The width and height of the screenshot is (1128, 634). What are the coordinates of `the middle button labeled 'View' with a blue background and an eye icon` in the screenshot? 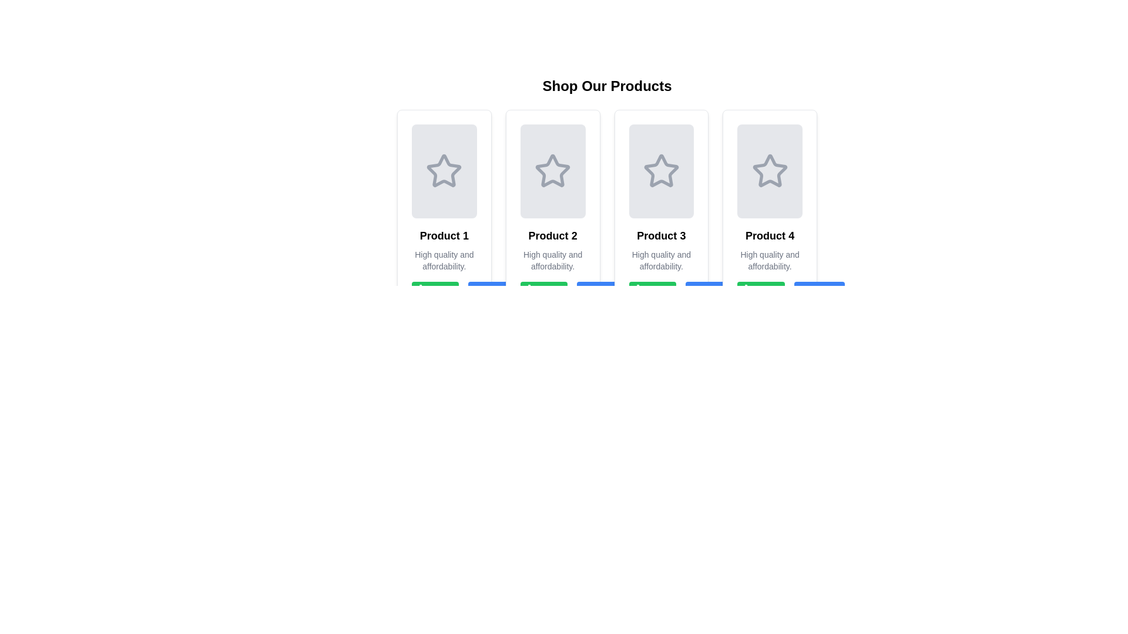 It's located at (493, 291).